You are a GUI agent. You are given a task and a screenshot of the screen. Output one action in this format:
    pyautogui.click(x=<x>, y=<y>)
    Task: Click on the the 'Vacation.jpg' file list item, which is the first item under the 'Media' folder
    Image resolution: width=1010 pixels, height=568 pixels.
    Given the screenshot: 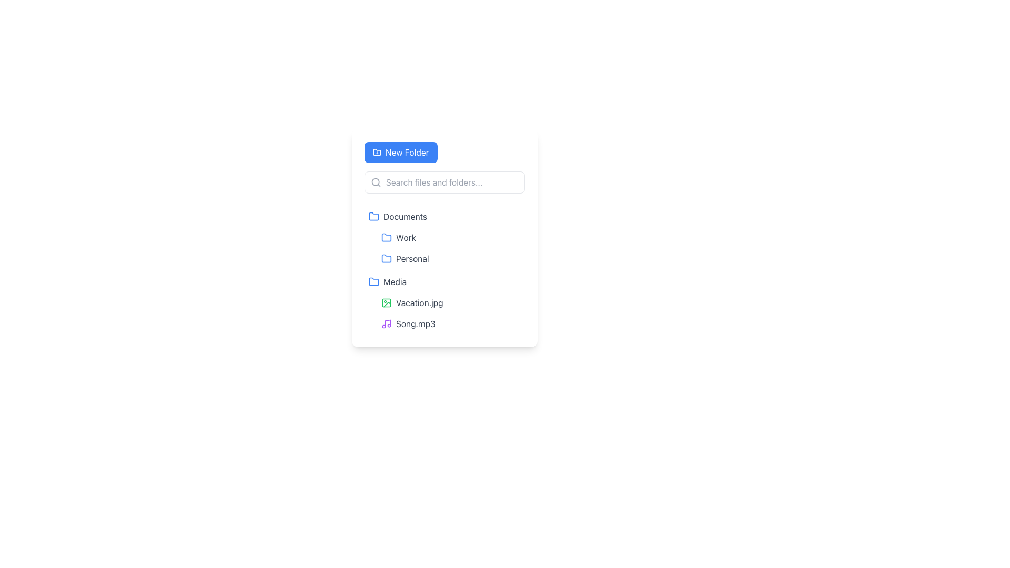 What is the action you would take?
    pyautogui.click(x=445, y=302)
    